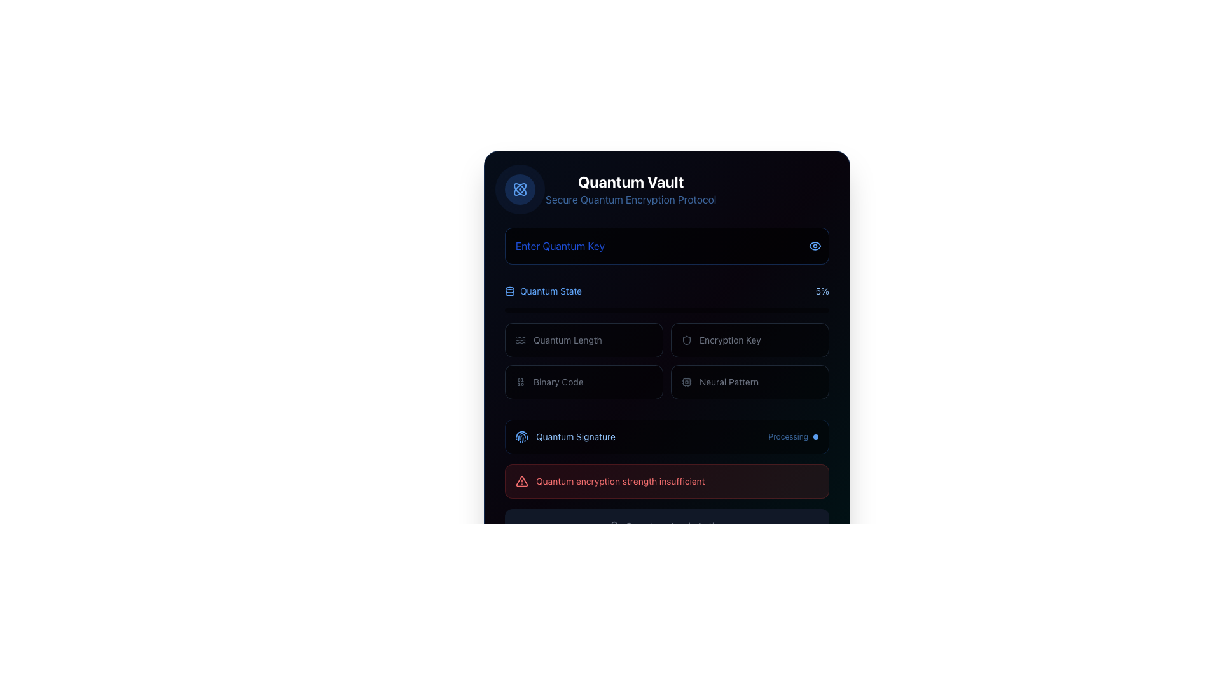  What do you see at coordinates (583, 340) in the screenshot?
I see `the clickable card or button component located in the first row and first column of the grid layout, adjacent to the 'Encryption Key' element` at bounding box center [583, 340].